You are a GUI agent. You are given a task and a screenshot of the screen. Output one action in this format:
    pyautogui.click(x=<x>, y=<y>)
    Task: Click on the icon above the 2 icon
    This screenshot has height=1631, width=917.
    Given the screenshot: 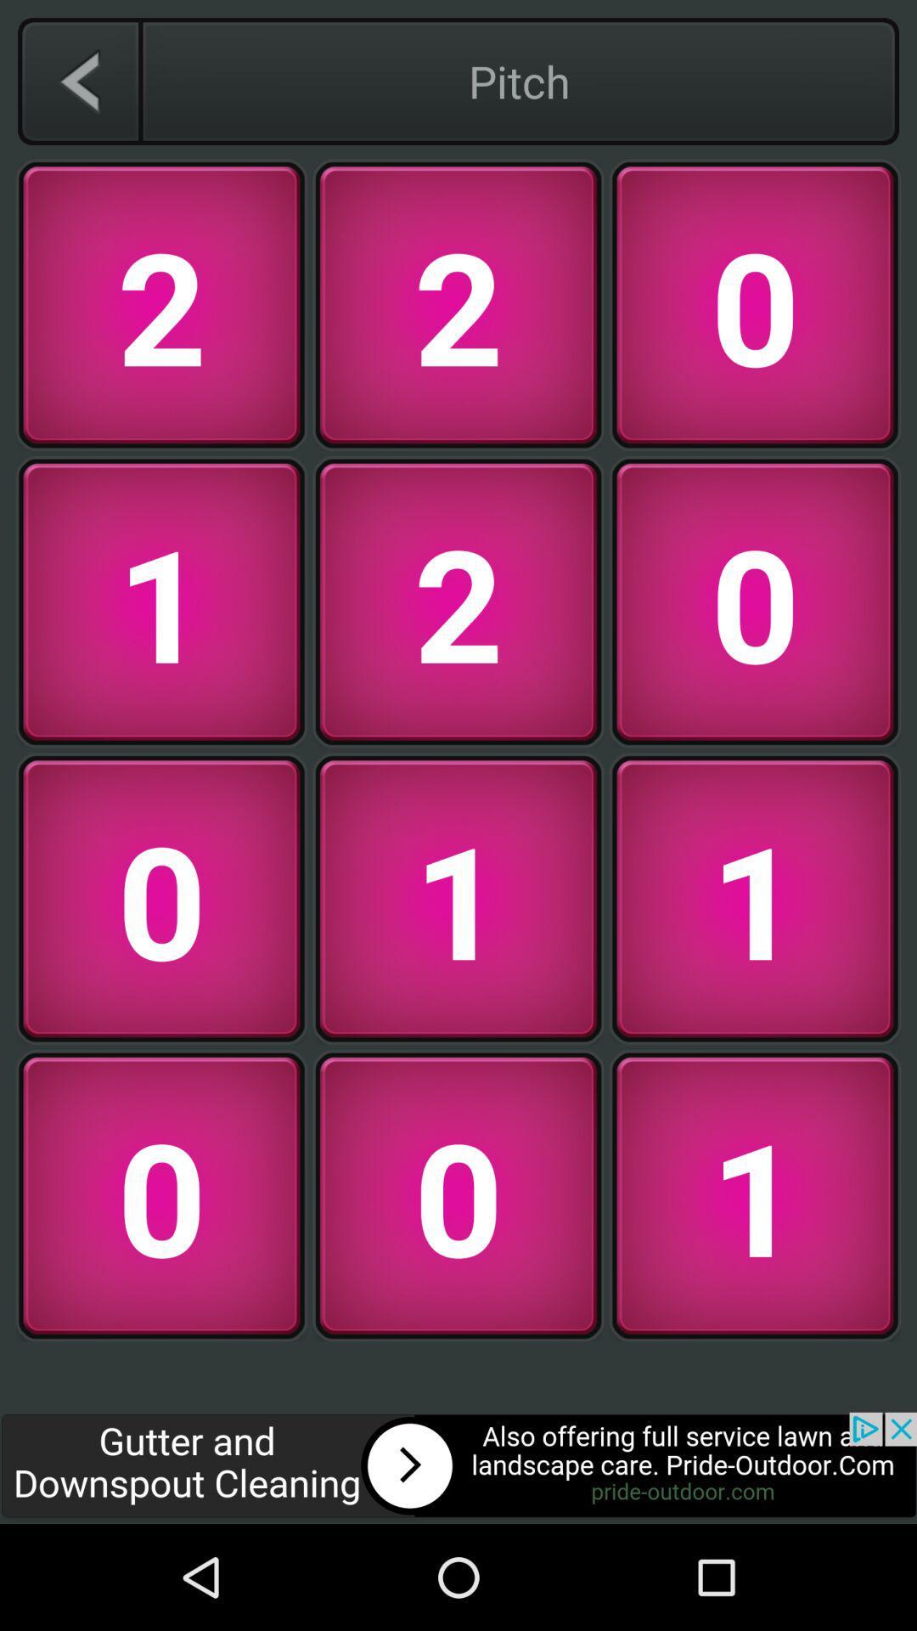 What is the action you would take?
    pyautogui.click(x=79, y=81)
    